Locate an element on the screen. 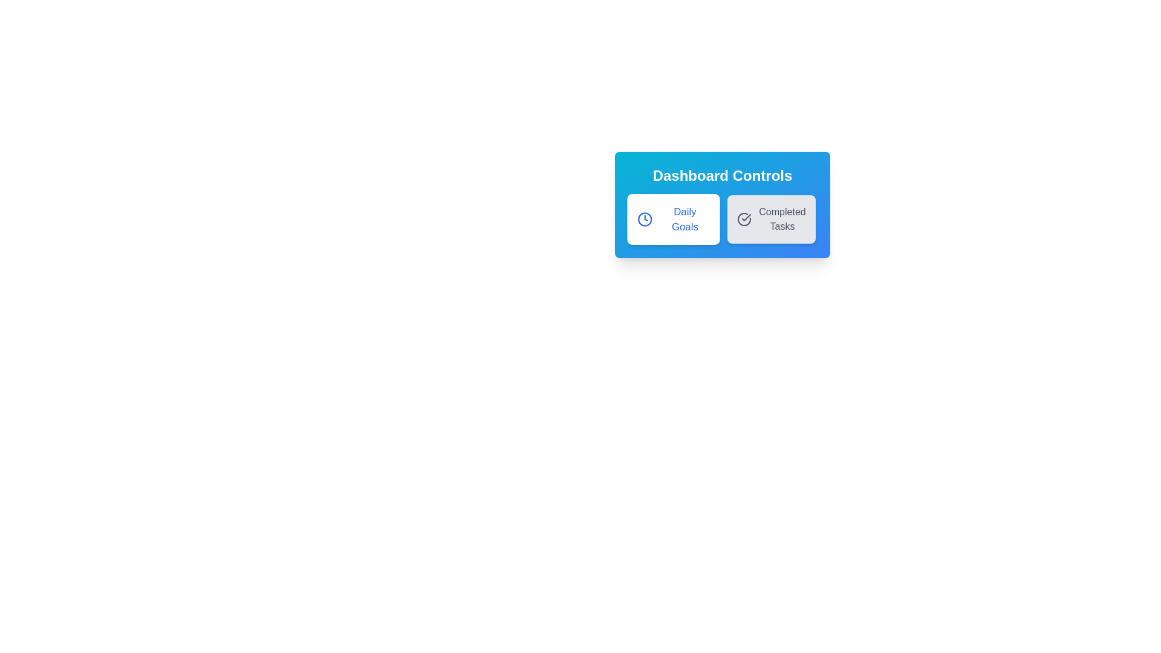 This screenshot has height=653, width=1161. the 'Daily Goals' text label within the button, which is located in the first card under 'Dashboard Controls', featuring blue text on a white card-like background is located at coordinates (685, 219).